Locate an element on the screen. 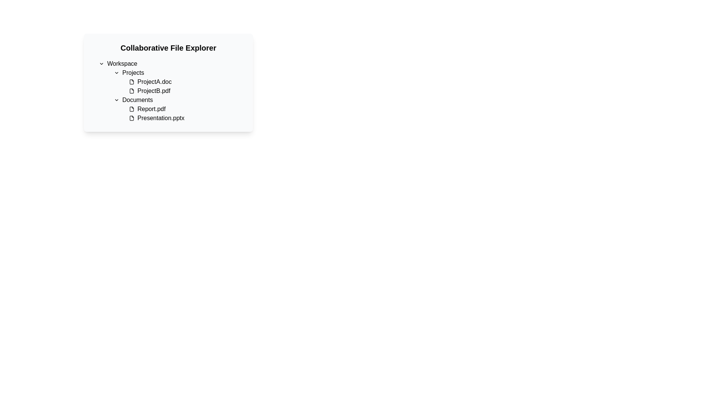  the dropdown icon located to the immediate left of the 'Workspace' text, which serves as a visual indicator for showing or hiding the contents under the 'Workspace' section is located at coordinates (101, 63).